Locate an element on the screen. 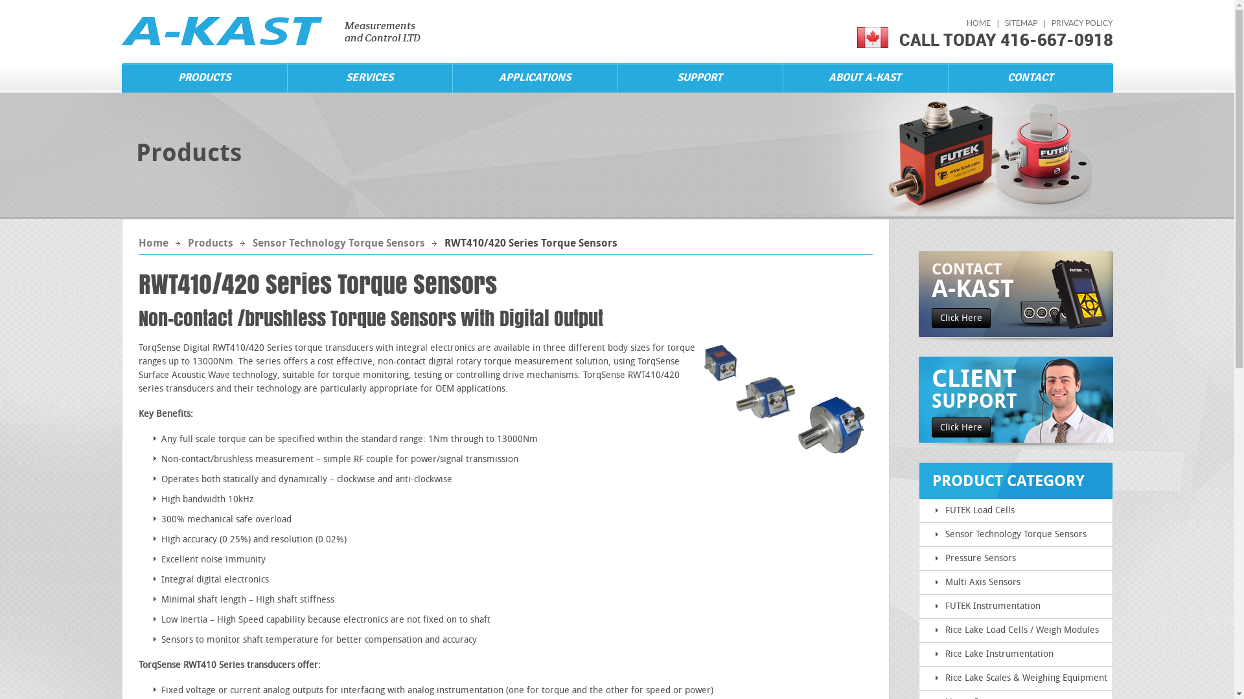  'APPLICATIONS' is located at coordinates (535, 77).